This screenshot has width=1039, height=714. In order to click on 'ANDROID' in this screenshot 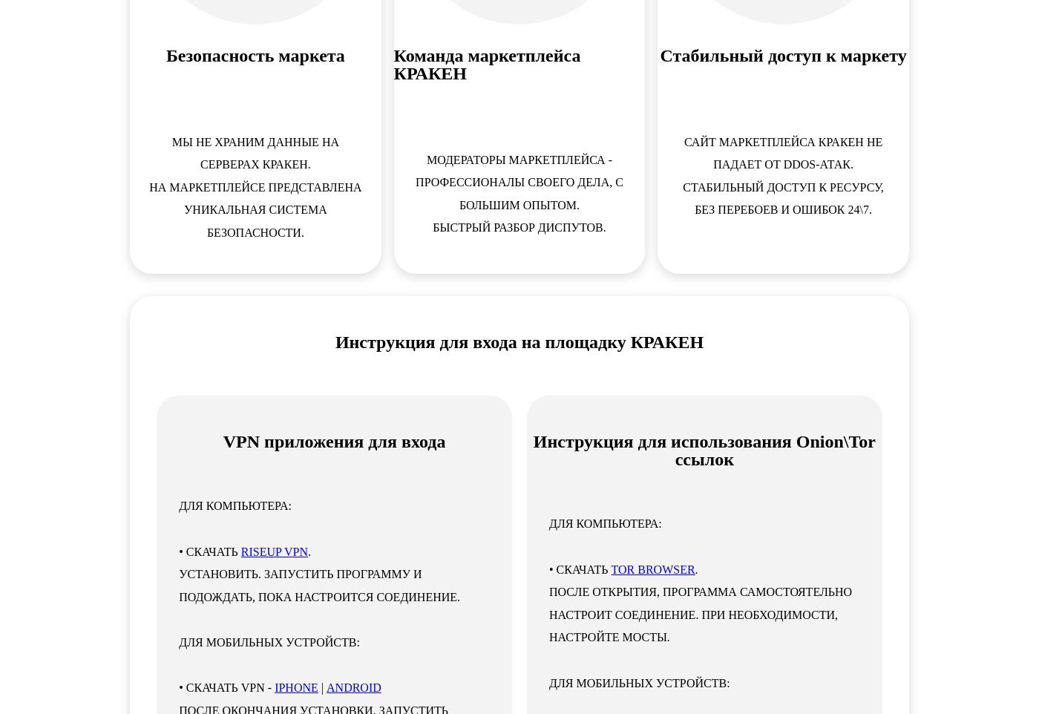, I will do `click(353, 687)`.